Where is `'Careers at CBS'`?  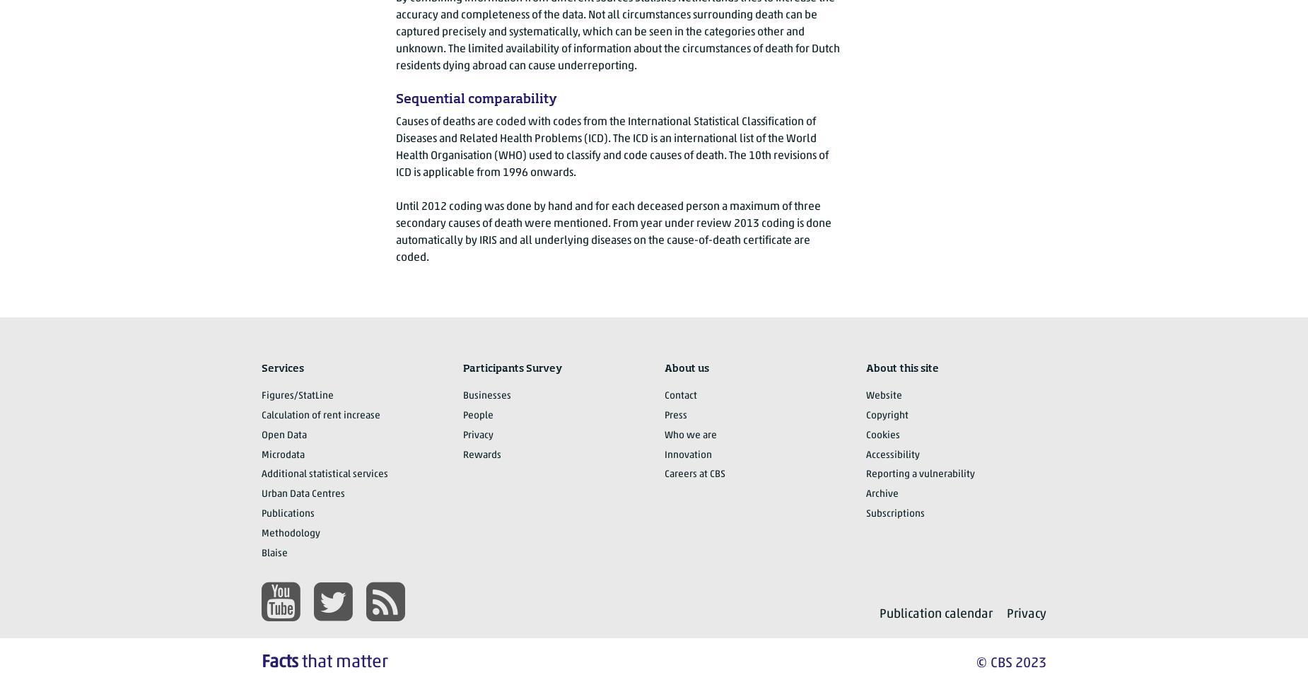
'Careers at CBS' is located at coordinates (694, 474).